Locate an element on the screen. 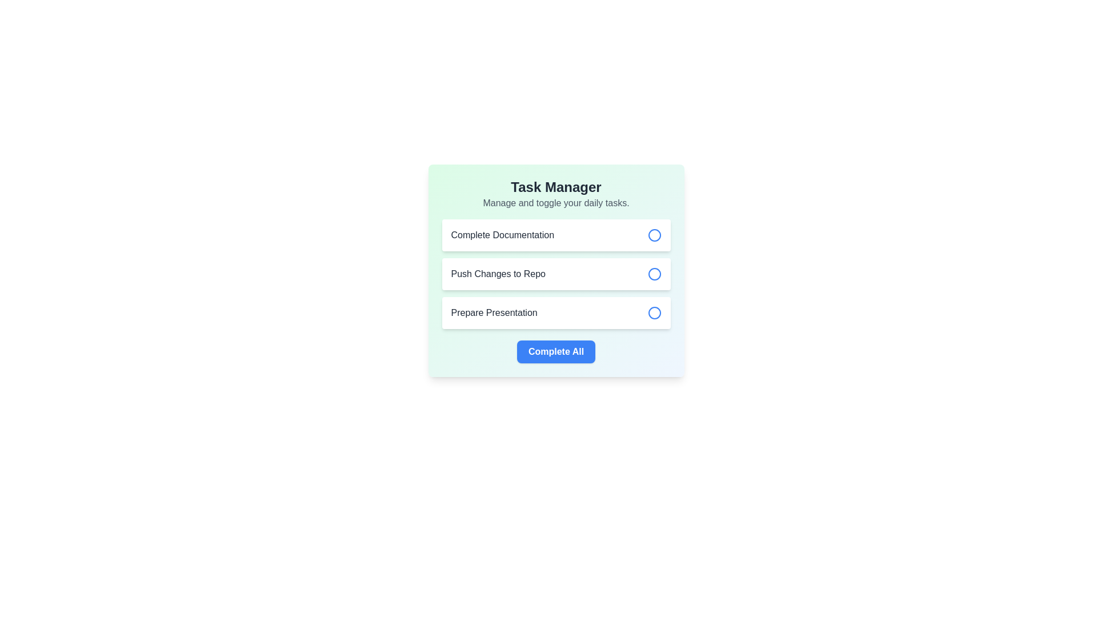 The image size is (1097, 617). the blue circular radio button located to the far right of the 'Push Changes to Repo' text in the task manager interface is located at coordinates (654, 274).